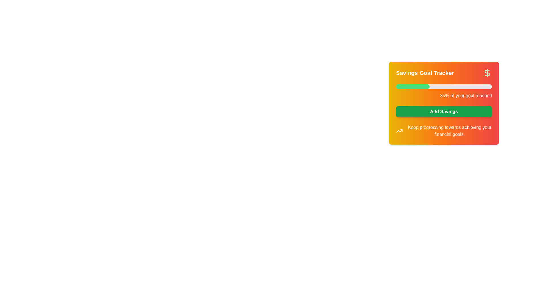 The height and width of the screenshot is (307, 547). I want to click on the horizontal progress bar with a gray background and green filled segment, located under the 'Savings Goal Tracker' title and above the '35% of your goal reached' text, so click(444, 86).